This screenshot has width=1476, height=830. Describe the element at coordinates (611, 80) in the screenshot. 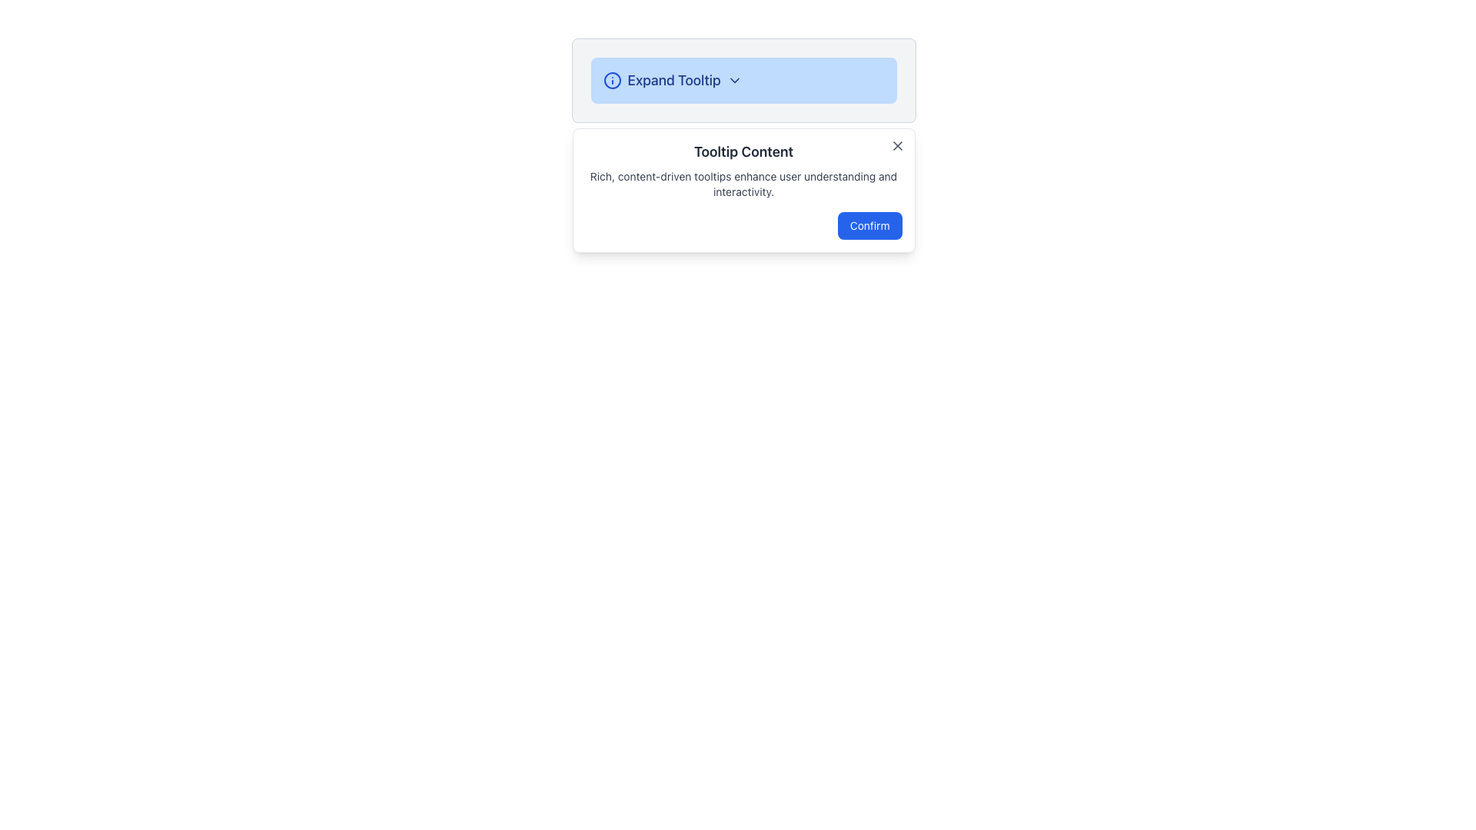

I see `the graphical element, which is a circle within an SVG icon located to the left of the 'Expand Tooltip' text in a header or tab-like UI section` at that location.